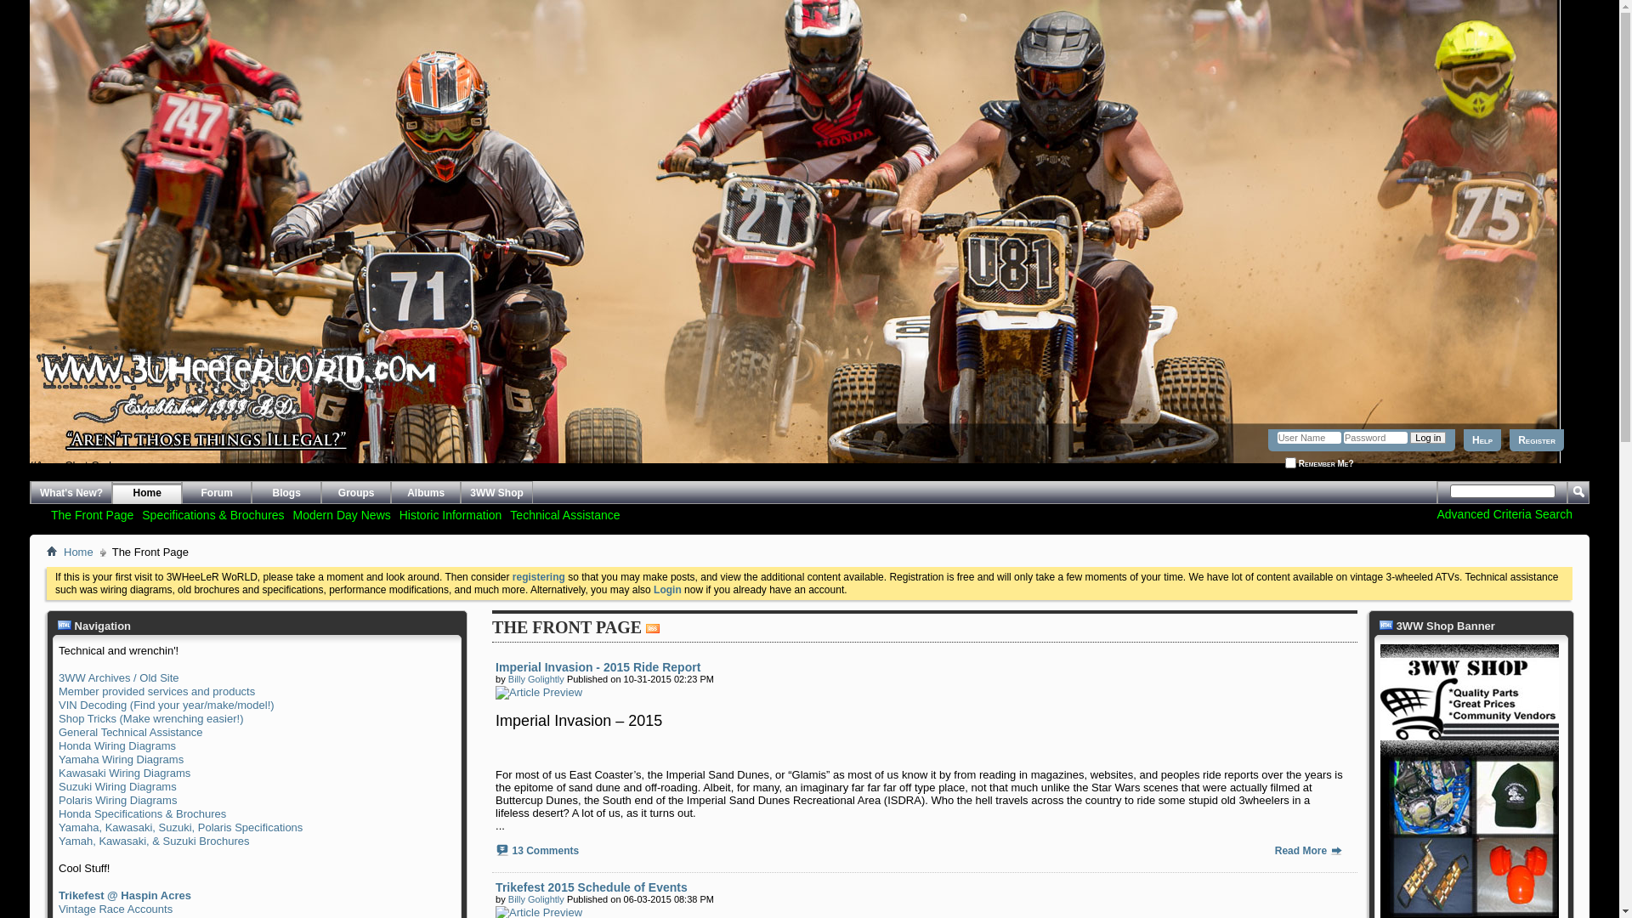  Describe the element at coordinates (1274, 851) in the screenshot. I see `'Read More'` at that location.